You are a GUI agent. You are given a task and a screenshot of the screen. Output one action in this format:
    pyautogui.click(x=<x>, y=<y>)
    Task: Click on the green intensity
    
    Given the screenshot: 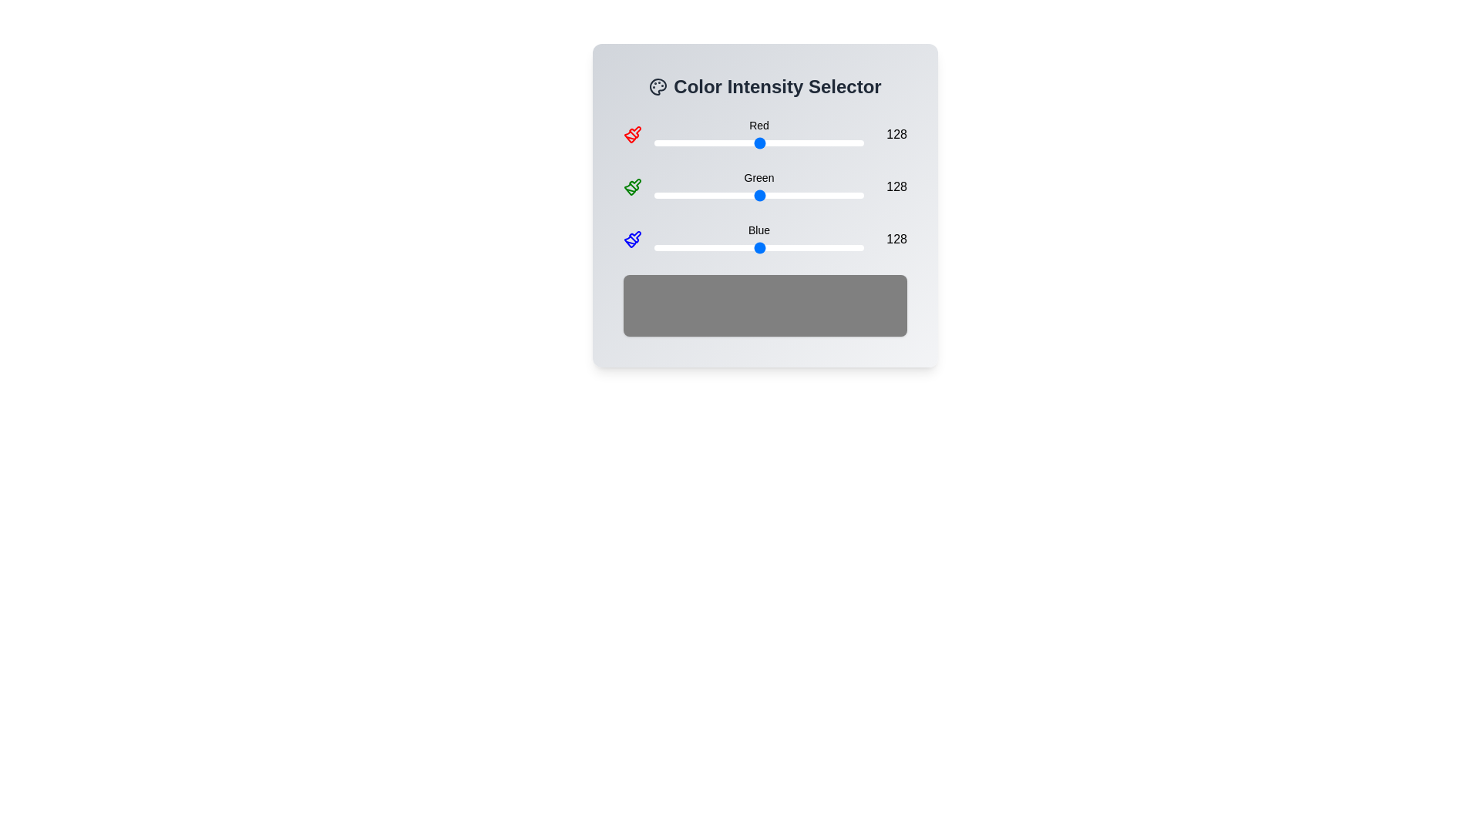 What is the action you would take?
    pyautogui.click(x=674, y=195)
    